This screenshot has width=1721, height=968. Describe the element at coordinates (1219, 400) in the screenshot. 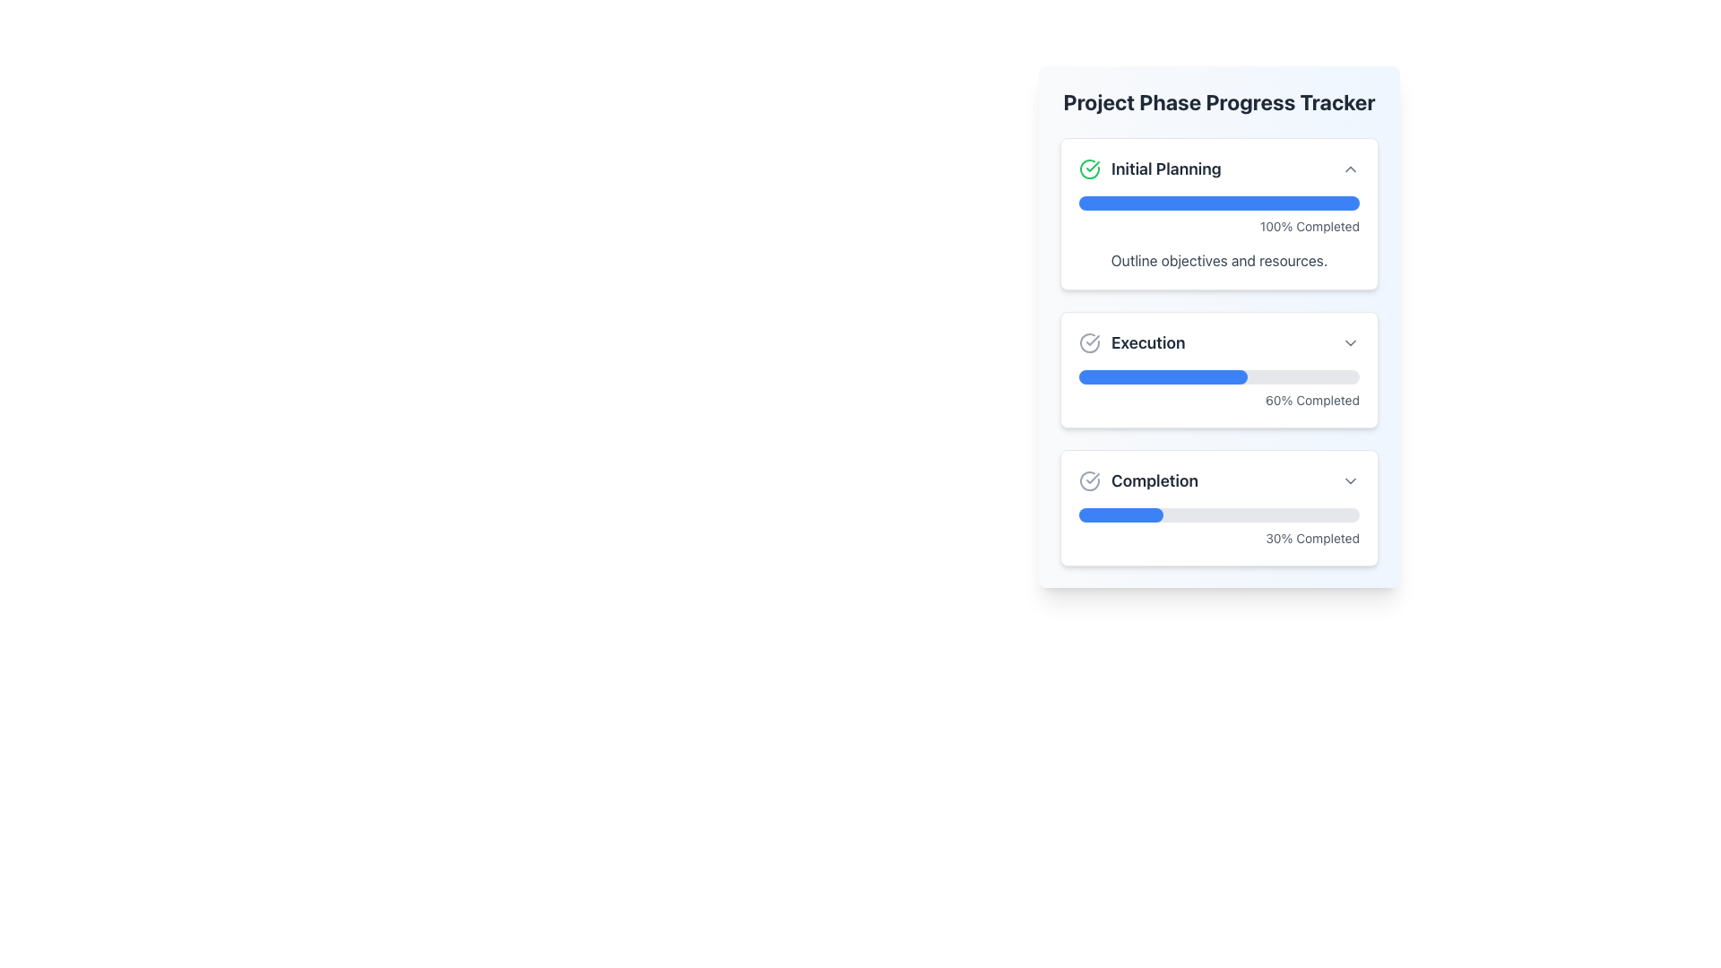

I see `the displayed percentage from the text label indicating the progress completed for the 'Execution' section, located below the blue progress bar and aligned to the right` at that location.